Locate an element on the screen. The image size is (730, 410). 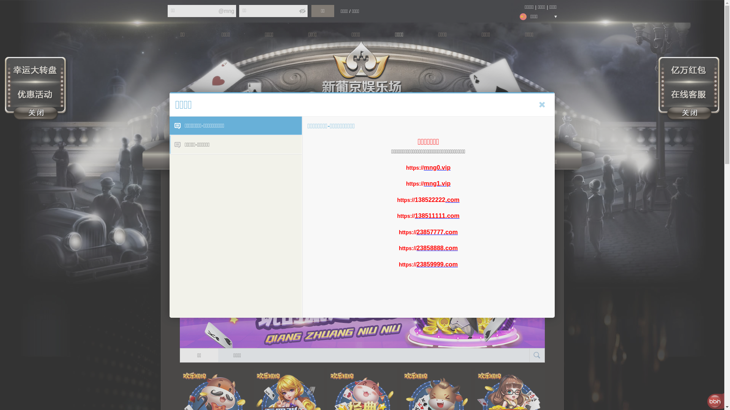
'23858888.com' is located at coordinates (437, 248).